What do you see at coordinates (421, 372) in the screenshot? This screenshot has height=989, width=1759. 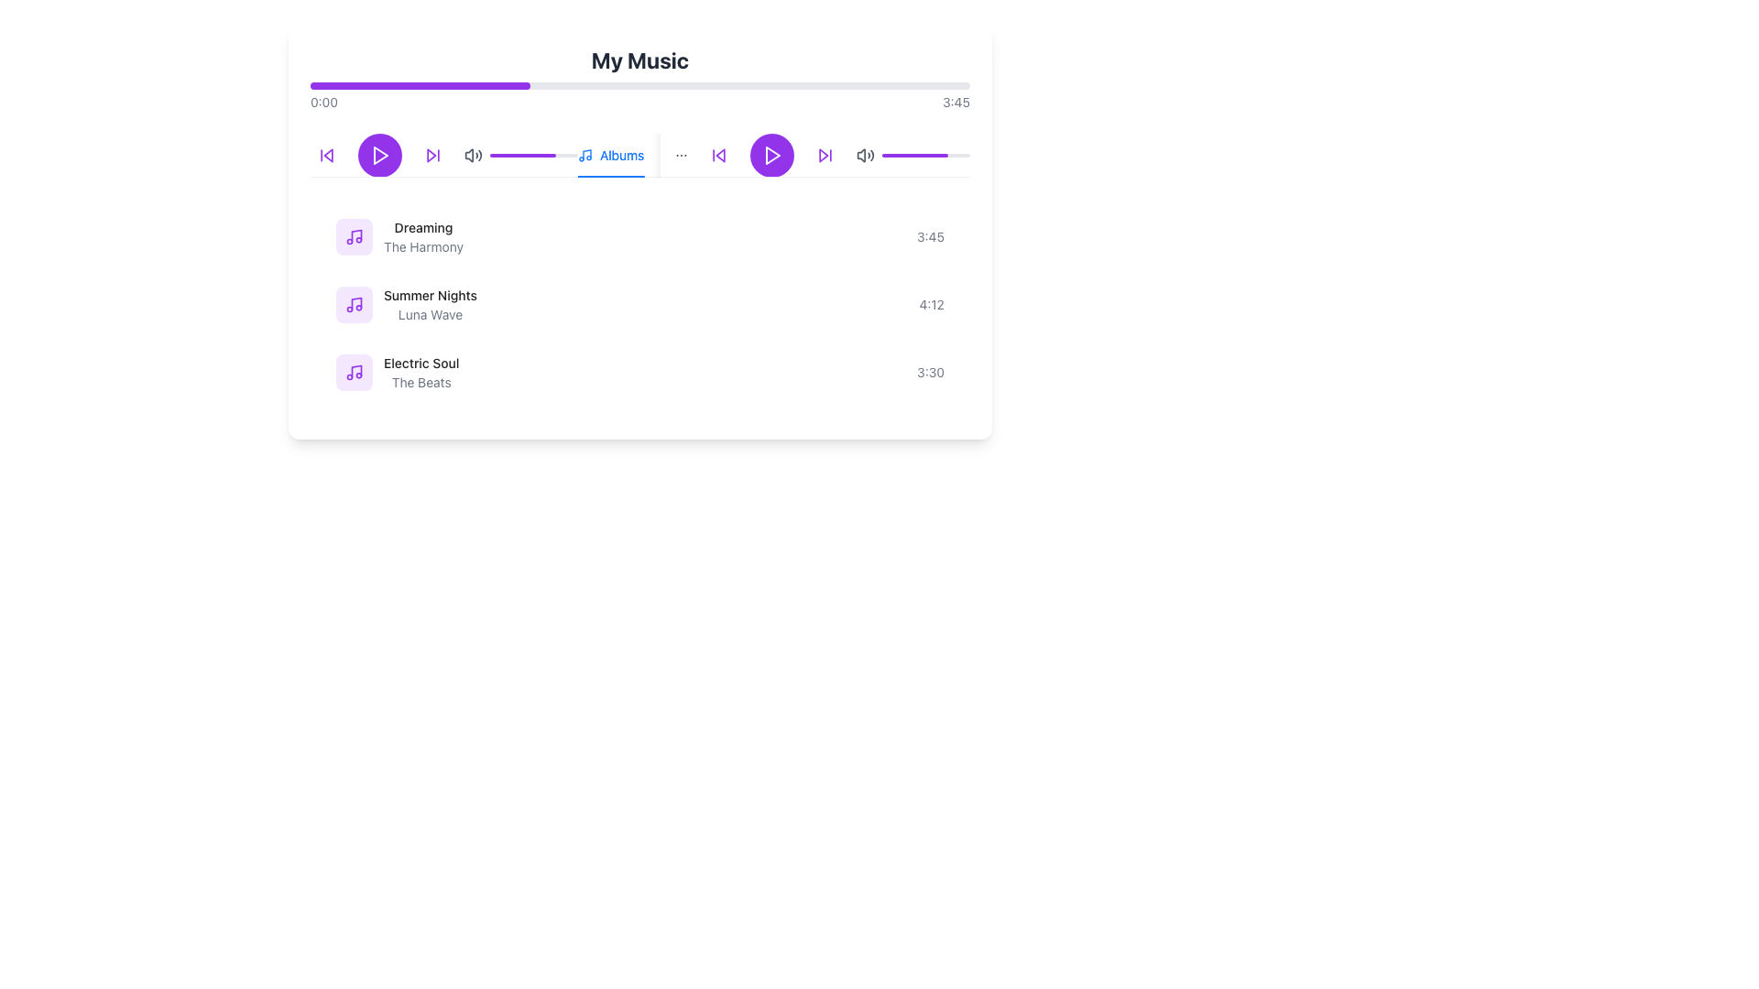 I see `the text block displaying the title 'Electric Soul' and artist 'The Beats'` at bounding box center [421, 372].